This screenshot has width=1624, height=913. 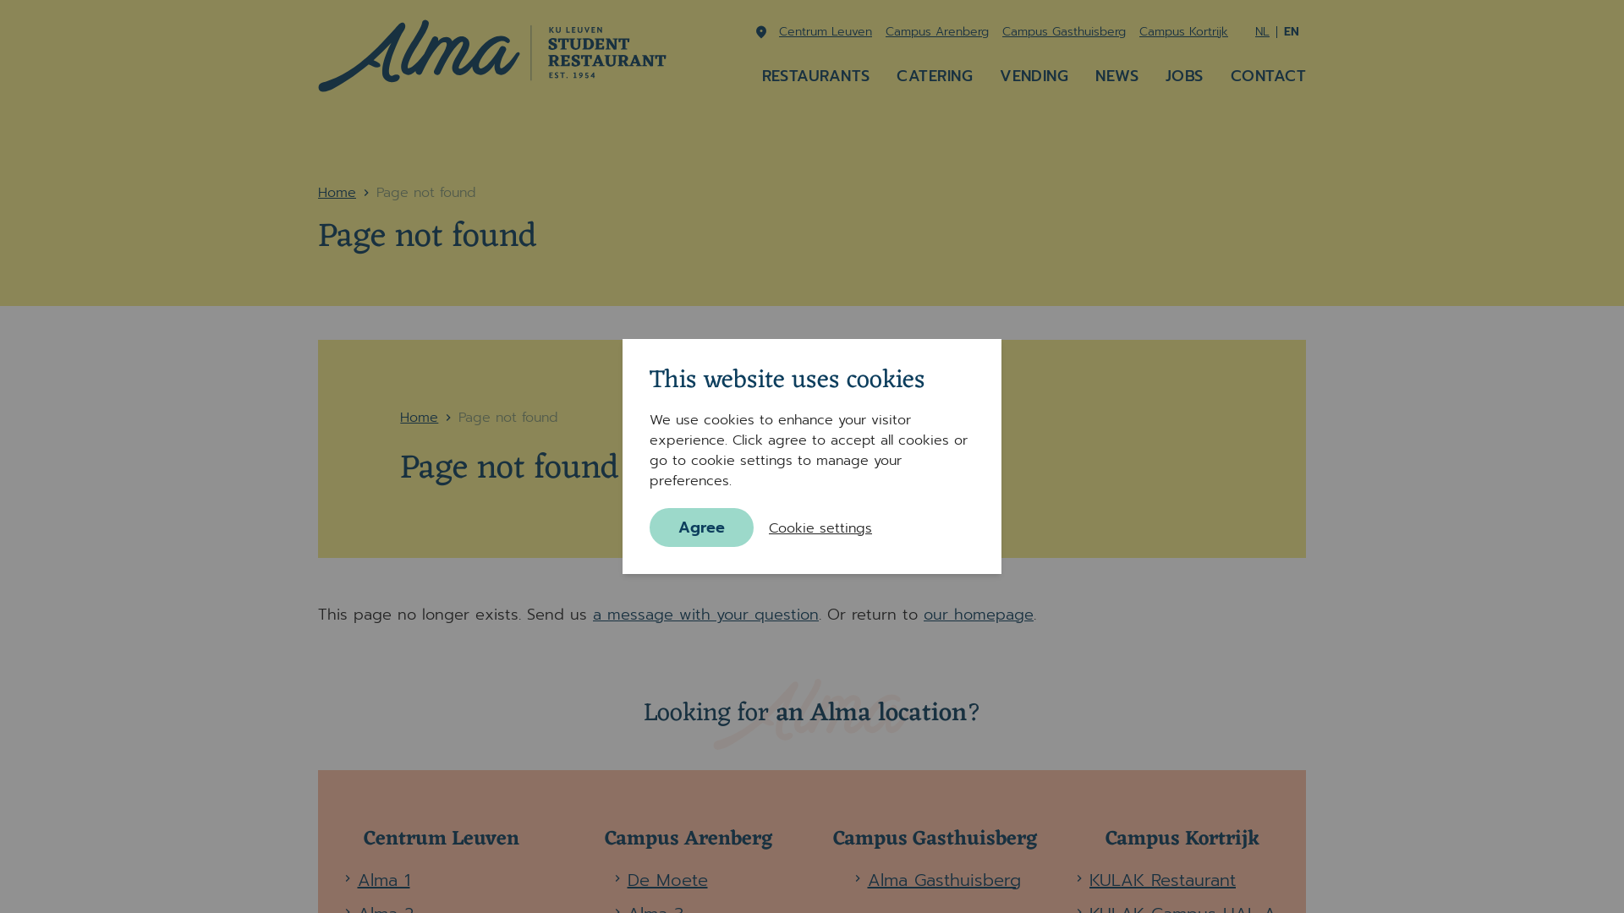 What do you see at coordinates (705, 614) in the screenshot?
I see `'a message with your question'` at bounding box center [705, 614].